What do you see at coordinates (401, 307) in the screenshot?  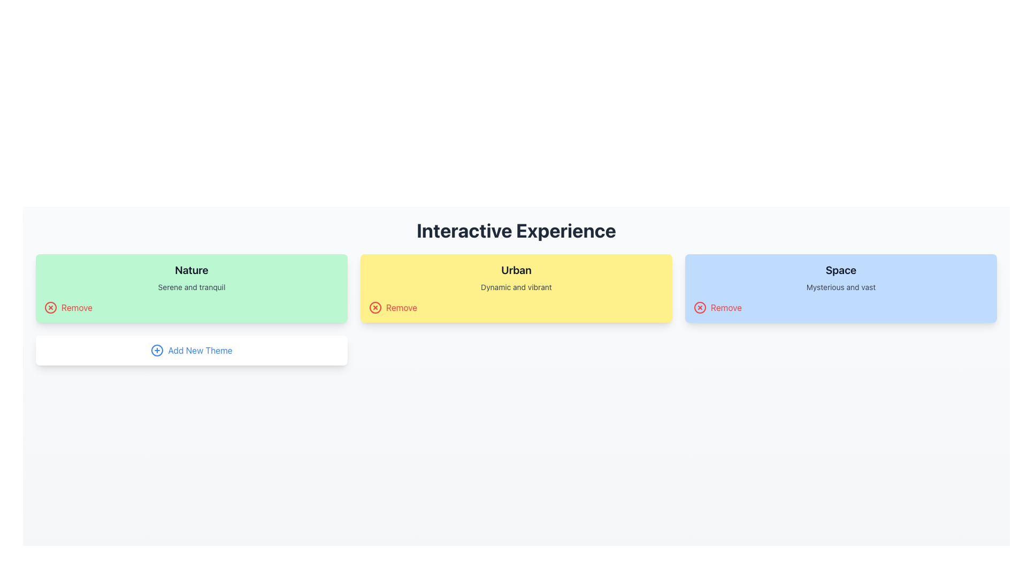 I see `the 'Remove' text label styled in red, located to the right of a circled 'X' icon within the interactive group of the yellow card titled 'Urban'` at bounding box center [401, 307].